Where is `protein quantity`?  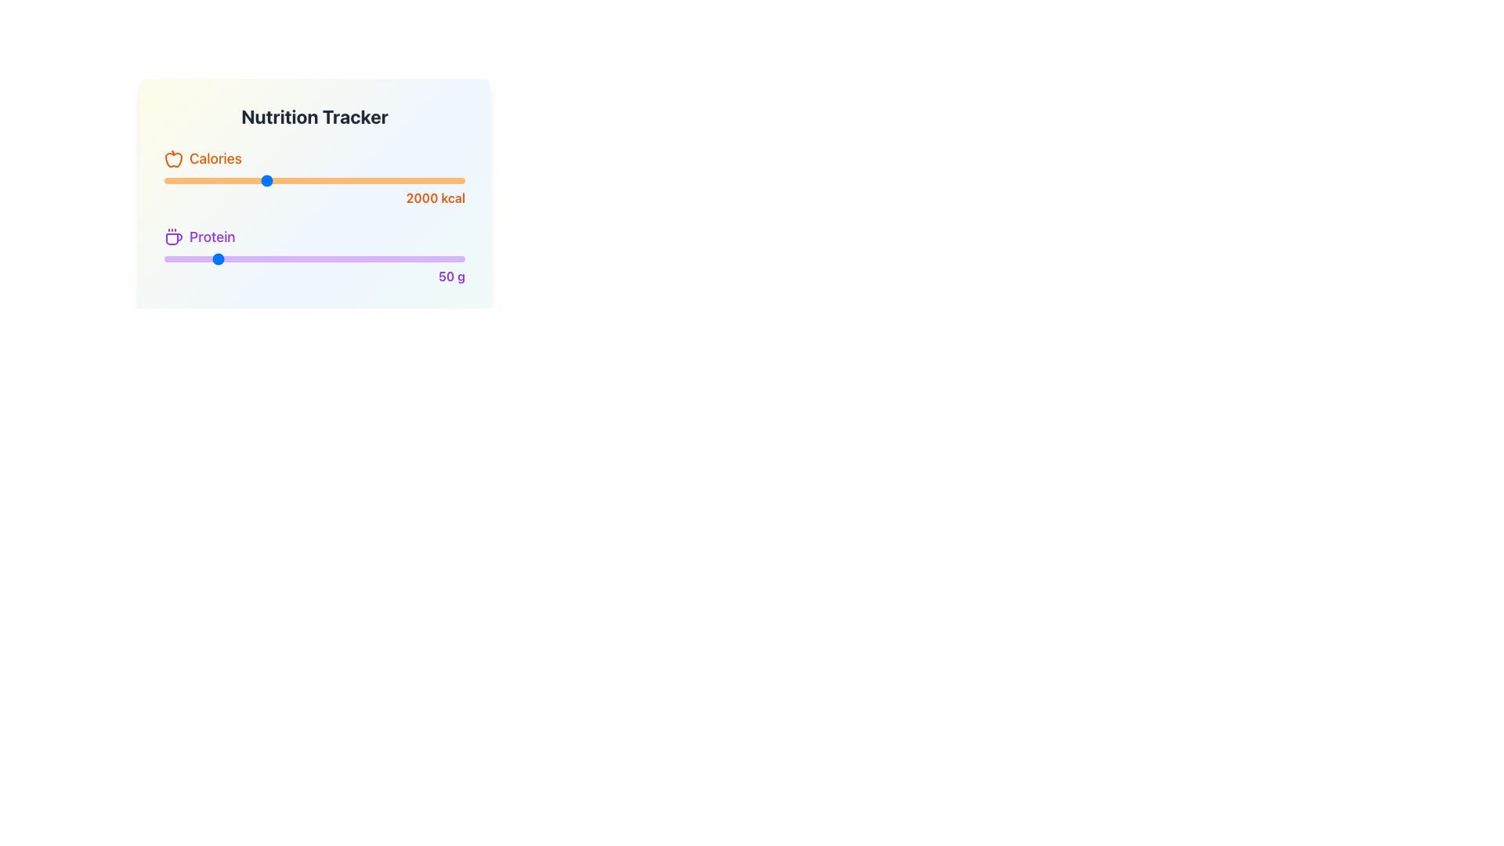 protein quantity is located at coordinates (183, 258).